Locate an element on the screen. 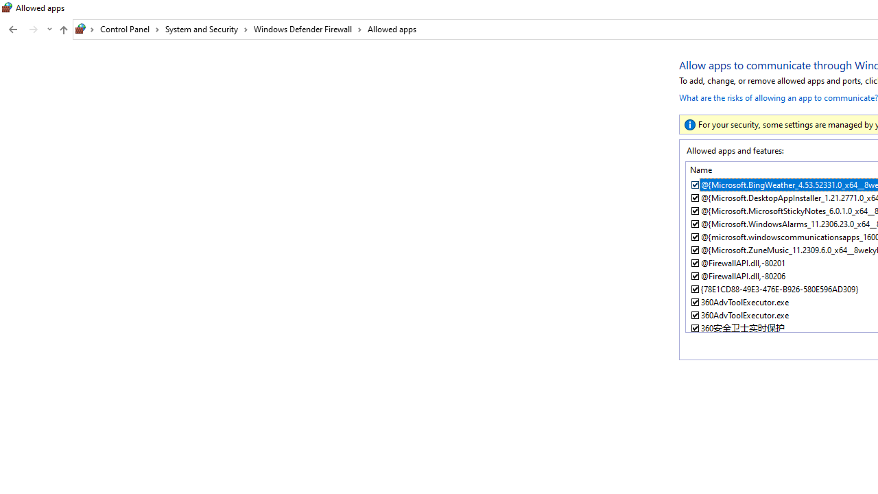  'Up band toolbar' is located at coordinates (62, 31).